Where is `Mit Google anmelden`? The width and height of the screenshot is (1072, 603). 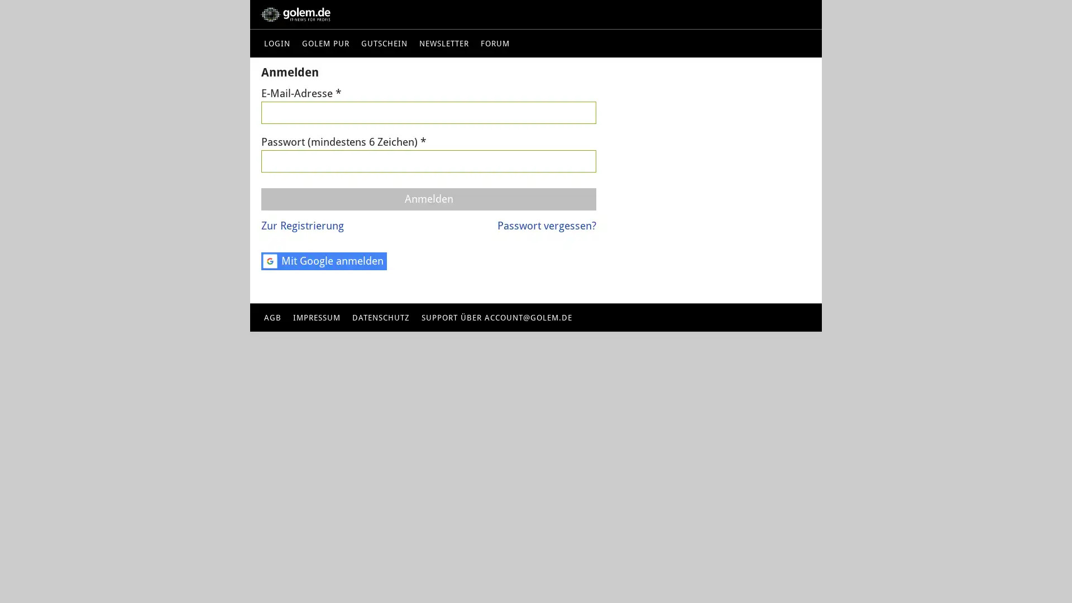 Mit Google anmelden is located at coordinates (323, 261).